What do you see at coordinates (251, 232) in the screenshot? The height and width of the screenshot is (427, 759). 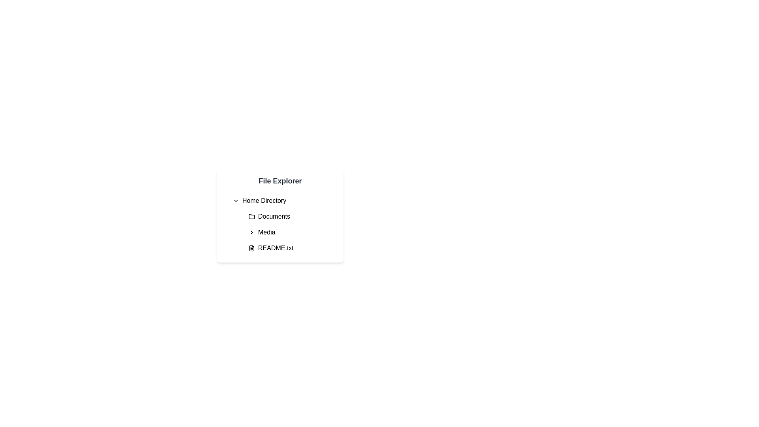 I see `the right-pointing chevron icon located immediately to the left of the 'Media' text label` at bounding box center [251, 232].